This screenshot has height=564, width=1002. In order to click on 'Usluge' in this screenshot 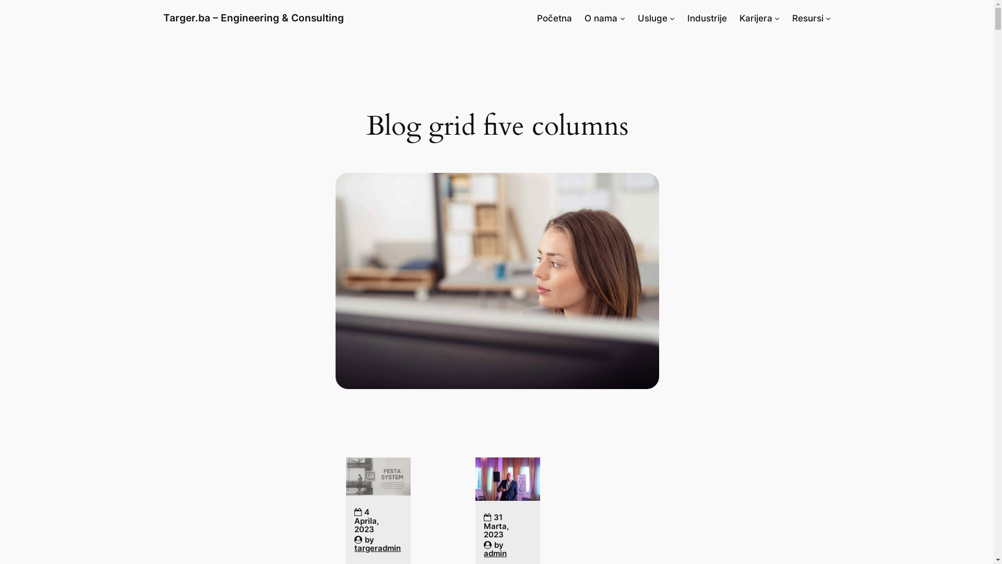, I will do `click(637, 18)`.